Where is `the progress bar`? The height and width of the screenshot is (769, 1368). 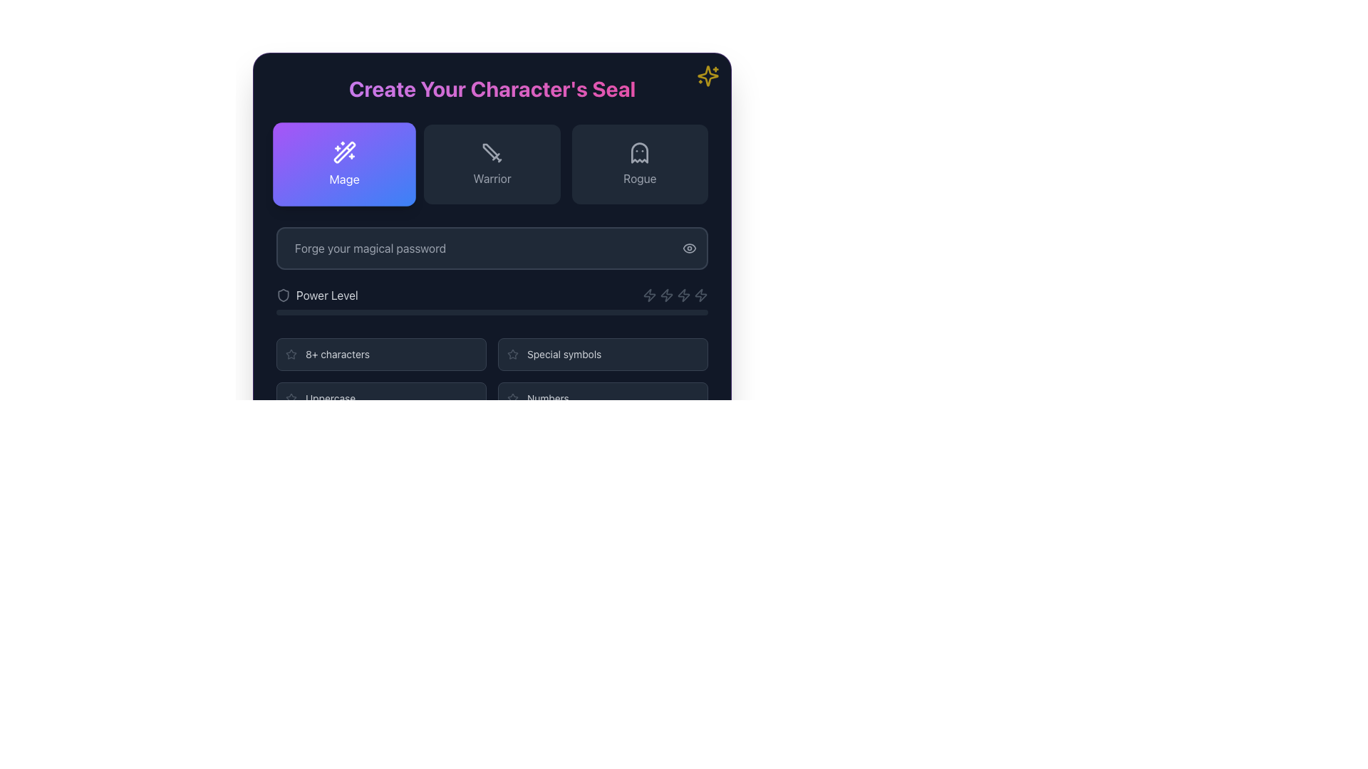
the progress bar is located at coordinates (556, 312).